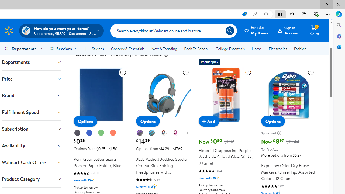 This screenshot has width=345, height=194. Describe the element at coordinates (112, 133) in the screenshot. I see `'Orange'` at that location.